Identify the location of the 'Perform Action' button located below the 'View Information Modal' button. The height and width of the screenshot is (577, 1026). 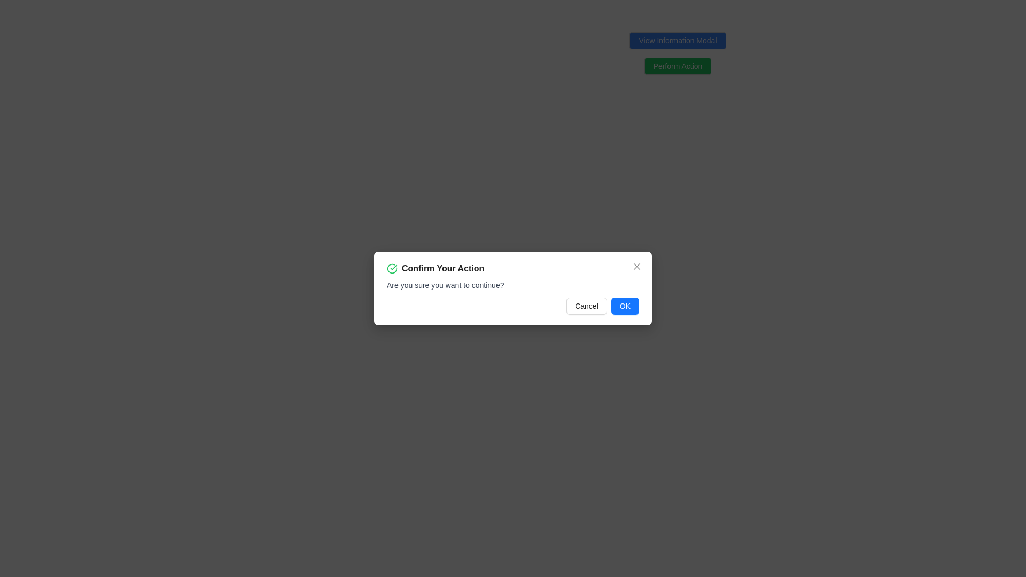
(677, 66).